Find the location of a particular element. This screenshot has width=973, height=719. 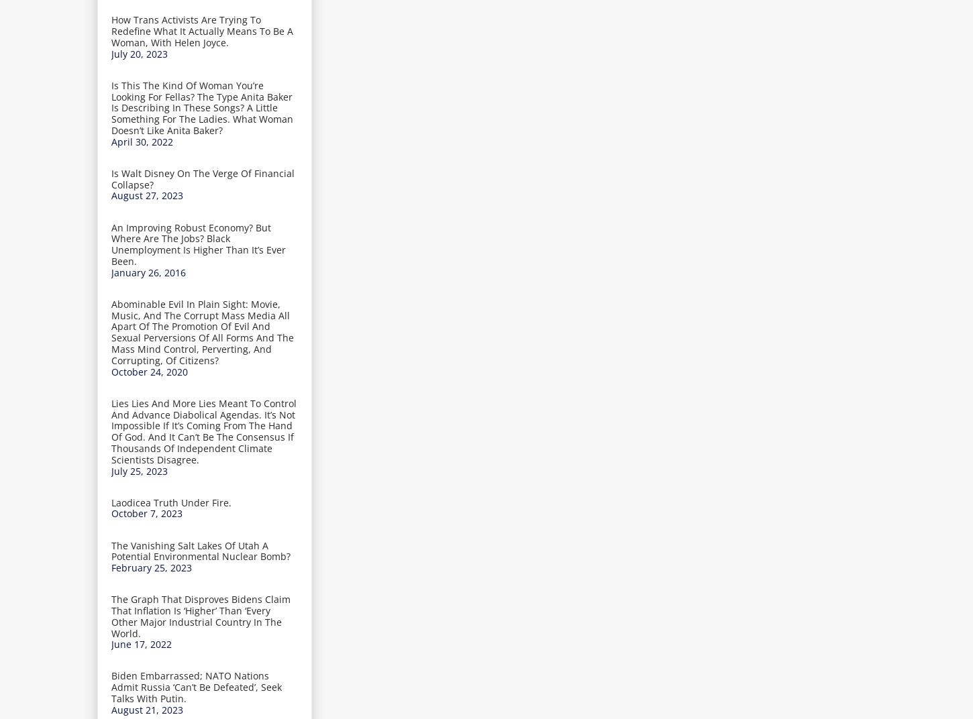

'February 25, 2023' is located at coordinates (151, 567).